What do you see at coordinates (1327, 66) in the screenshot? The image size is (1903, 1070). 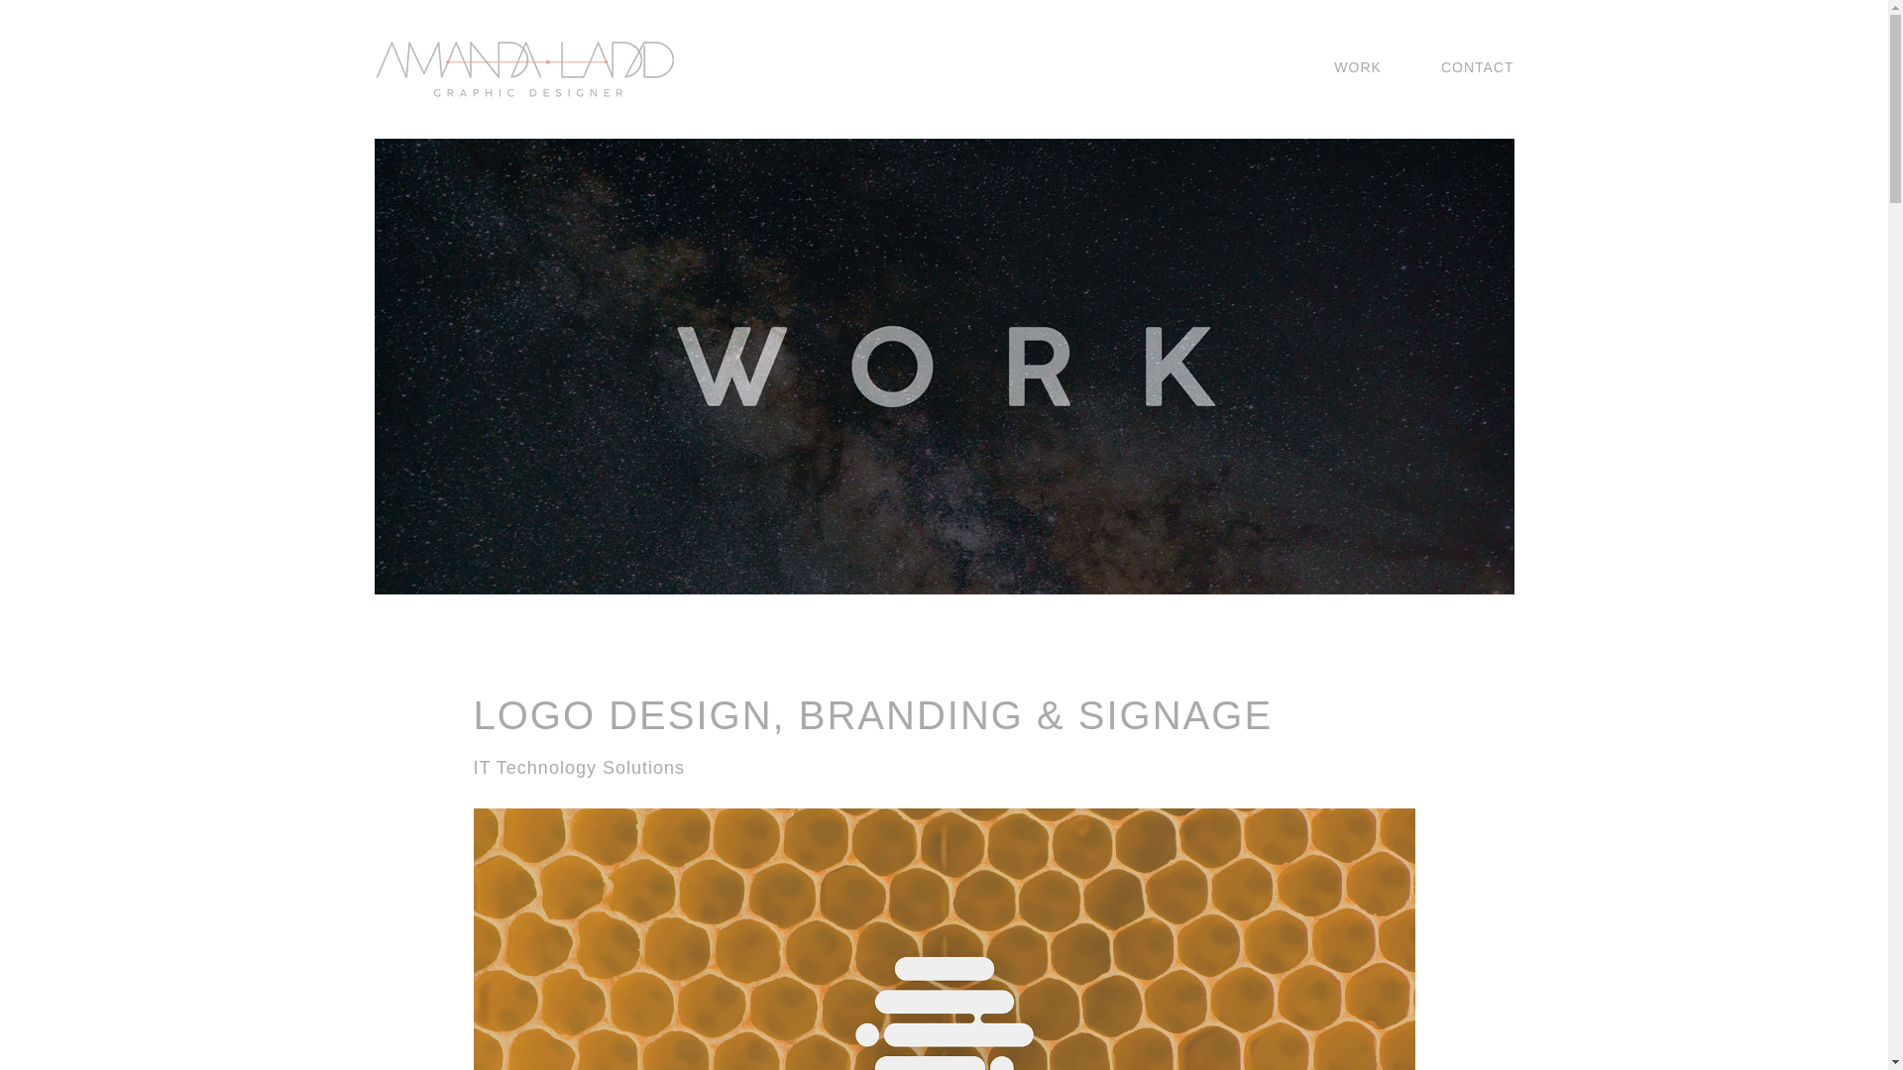 I see `'WORK'` at bounding box center [1327, 66].